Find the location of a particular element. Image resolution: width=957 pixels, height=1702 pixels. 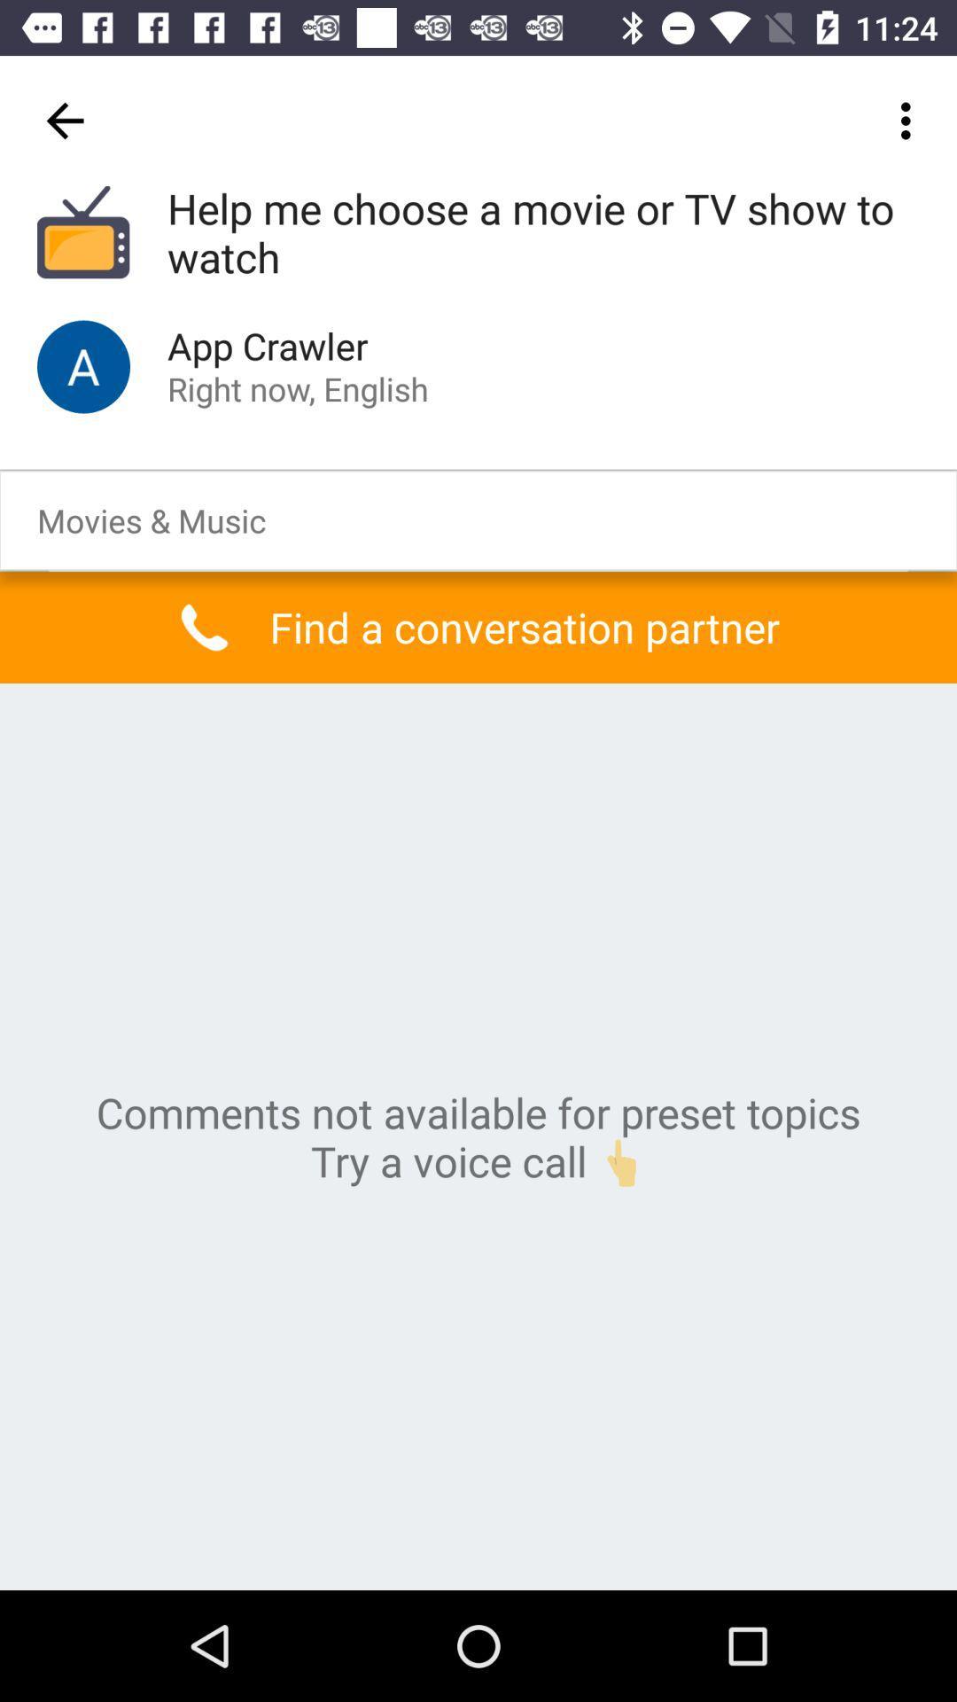

find a random user is located at coordinates (83, 365).